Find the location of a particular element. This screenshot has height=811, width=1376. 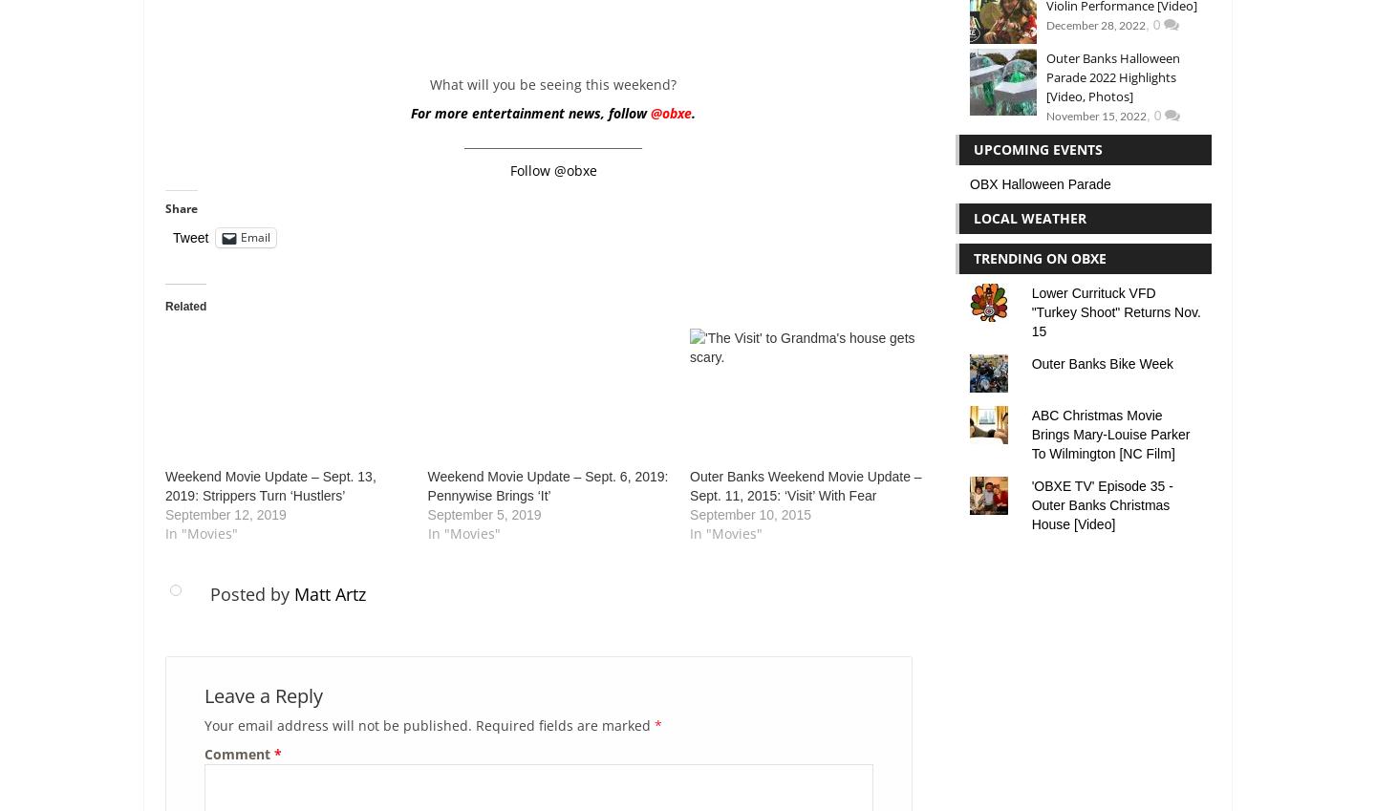

'ABC Christmas Movie Brings Mary-Louise Parker To Wilmington [NC Film]' is located at coordinates (1109, 433).